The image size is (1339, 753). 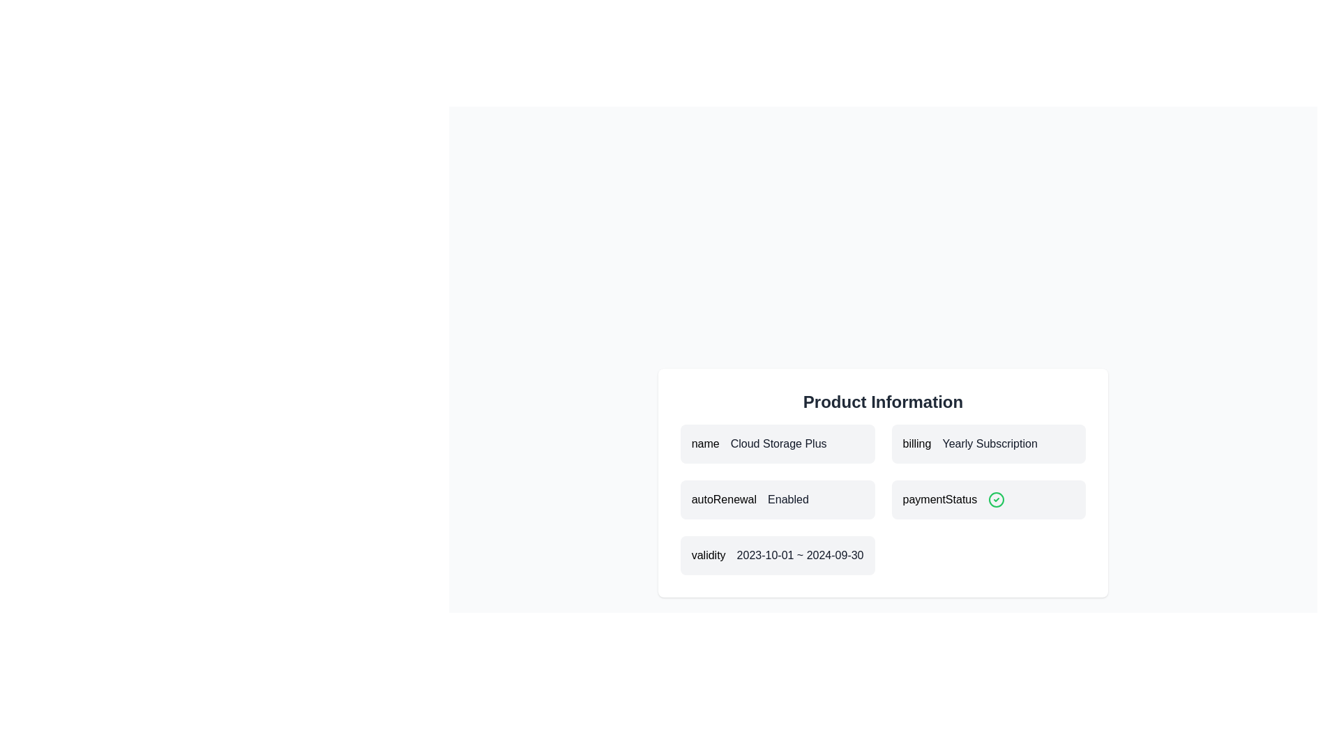 I want to click on the Text Label that serves as a descriptor for the adjacent 'Enabled' text, positioned to the left of it, so click(x=724, y=499).